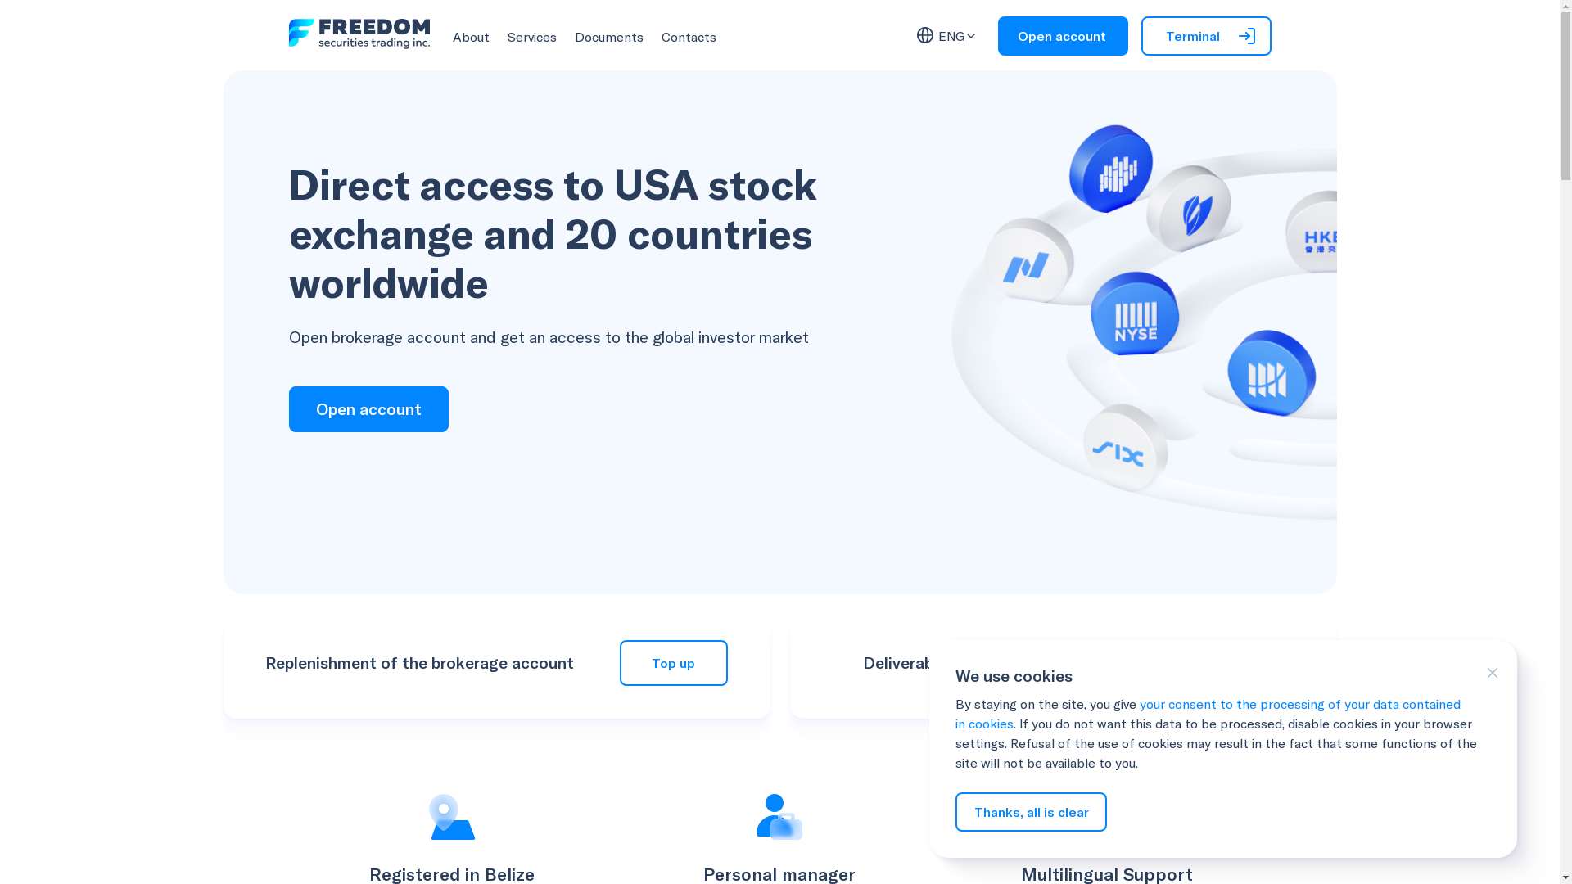  What do you see at coordinates (469, 37) in the screenshot?
I see `'About'` at bounding box center [469, 37].